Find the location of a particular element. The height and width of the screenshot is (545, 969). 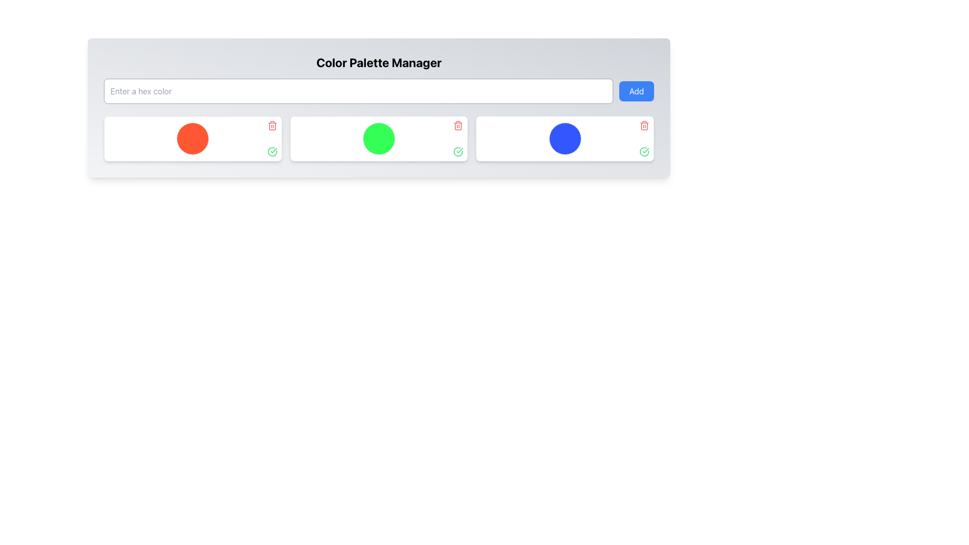

the icon button located in the bottom-right corner of the card containing the green circle is located at coordinates (272, 151).